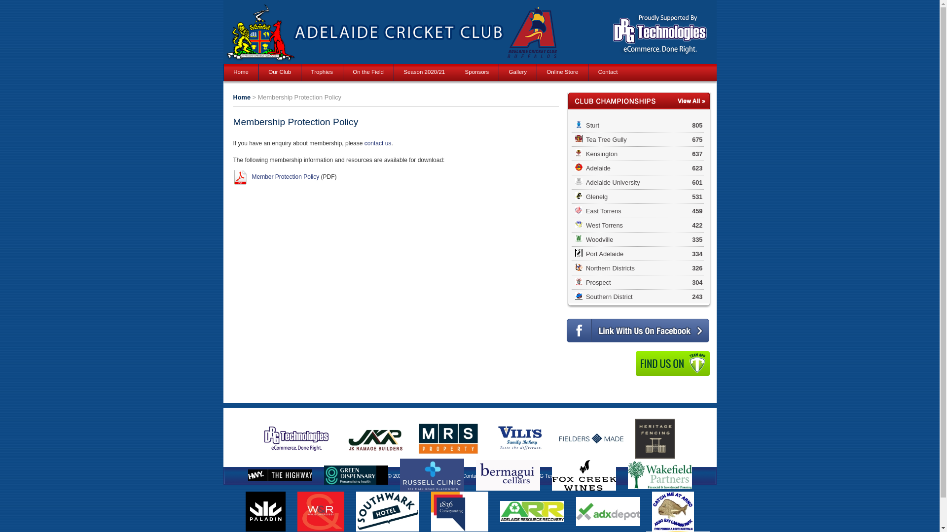 This screenshot has height=532, width=947. I want to click on 'Contact', so click(607, 71).